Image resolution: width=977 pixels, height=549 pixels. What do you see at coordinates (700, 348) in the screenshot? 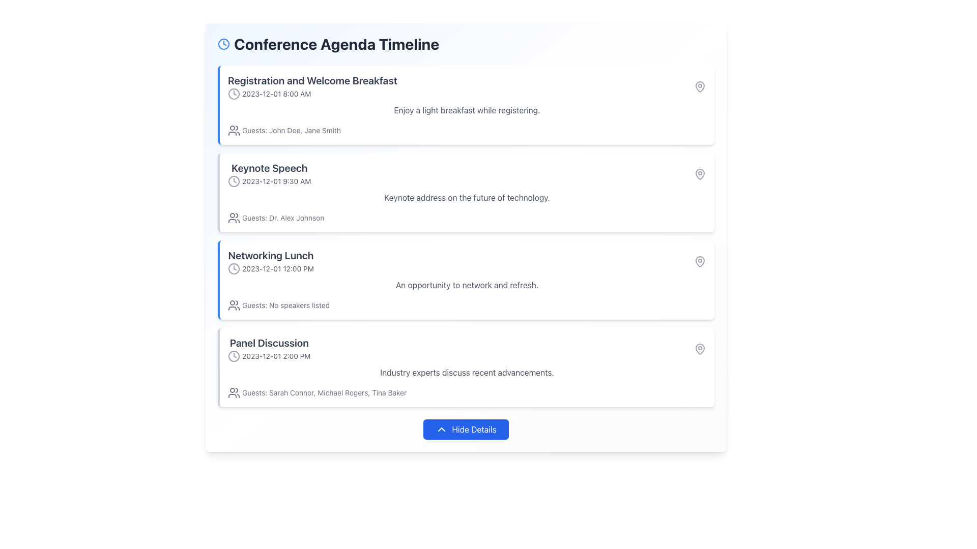
I see `the location icon positioned at the far right of the 'Panel Discussion' panel, which is the fourth item in the vertical list of events` at bounding box center [700, 348].